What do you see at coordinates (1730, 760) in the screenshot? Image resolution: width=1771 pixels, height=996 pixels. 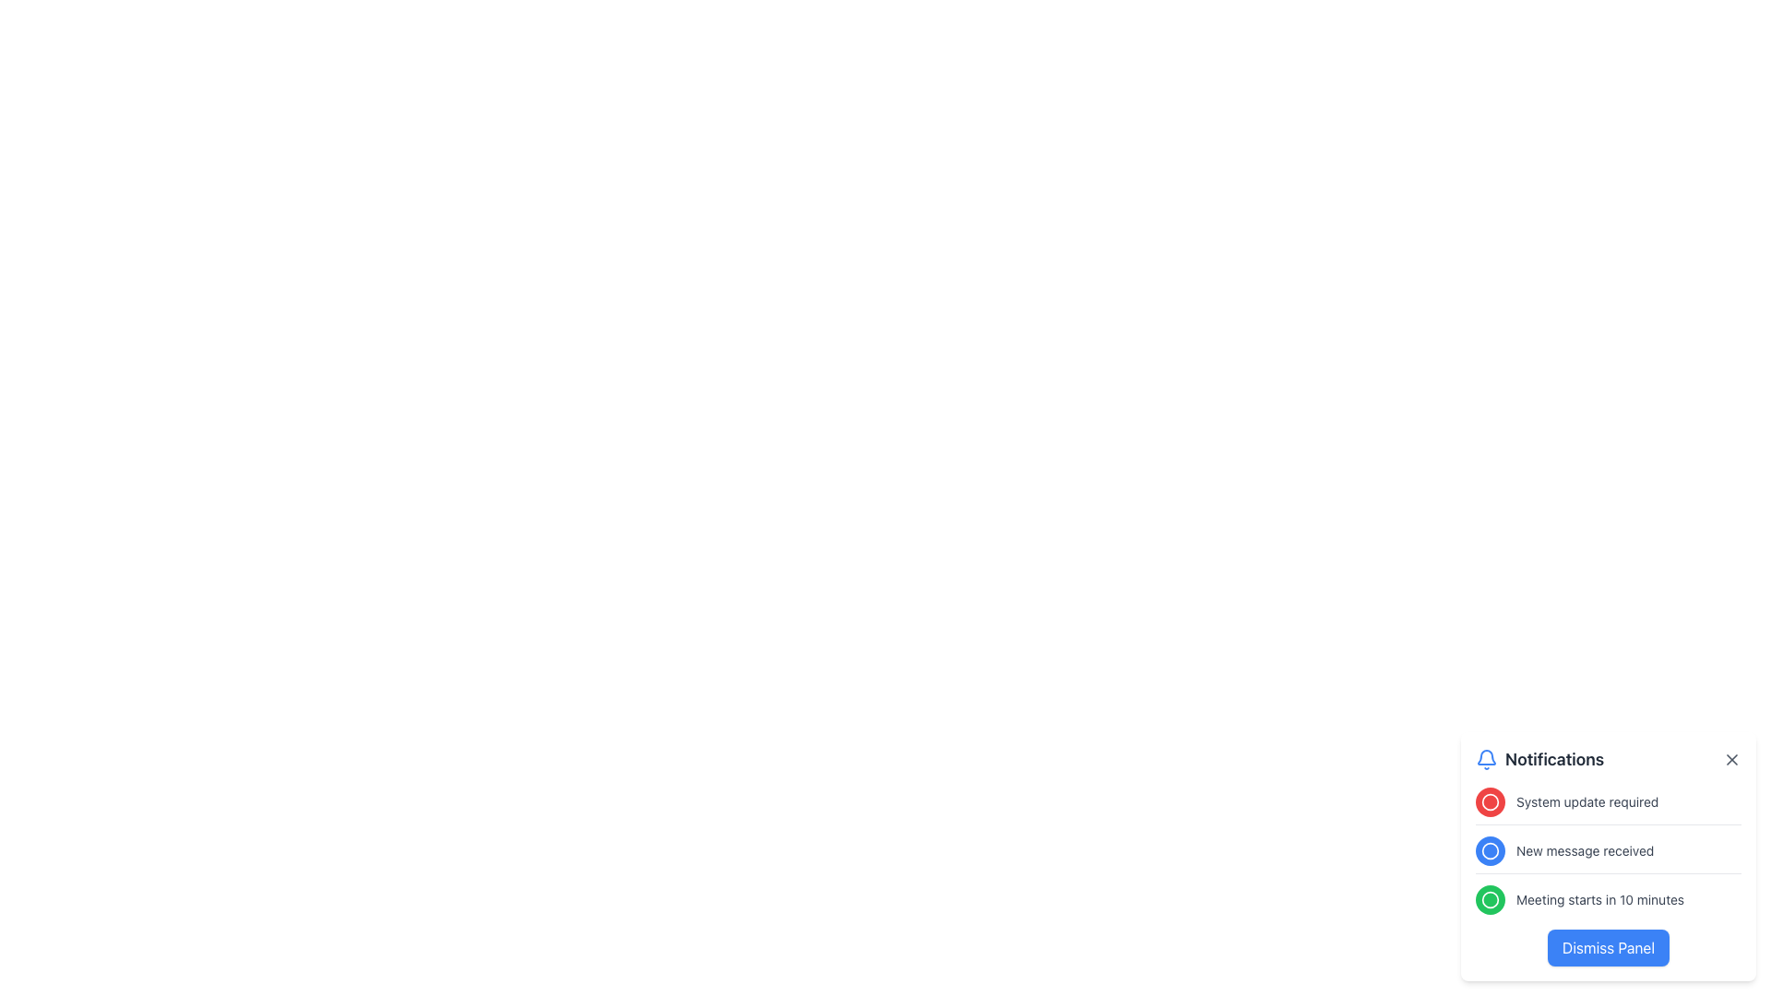 I see `the close button located at the top-right corner of the 'Notifications' panel` at bounding box center [1730, 760].